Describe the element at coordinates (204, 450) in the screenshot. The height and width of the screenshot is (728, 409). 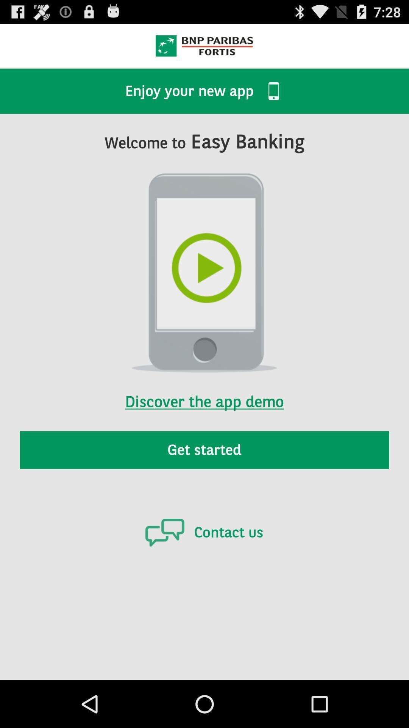
I see `the item below the discover the app item` at that location.